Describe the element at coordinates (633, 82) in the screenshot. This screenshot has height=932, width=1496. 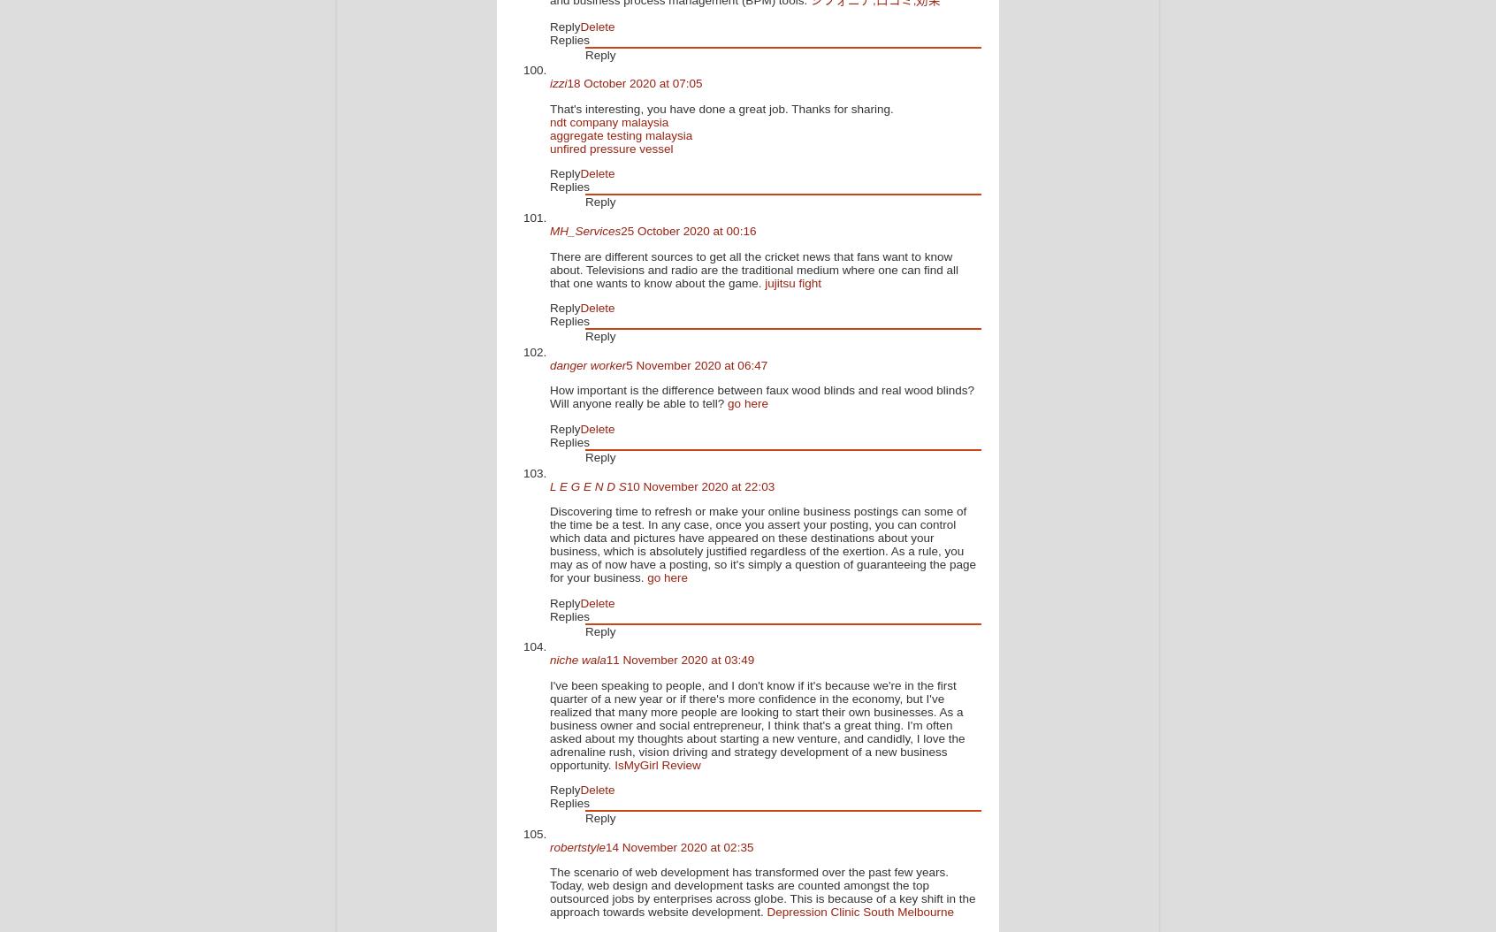
I see `'18 October 2020 at 07:05'` at that location.